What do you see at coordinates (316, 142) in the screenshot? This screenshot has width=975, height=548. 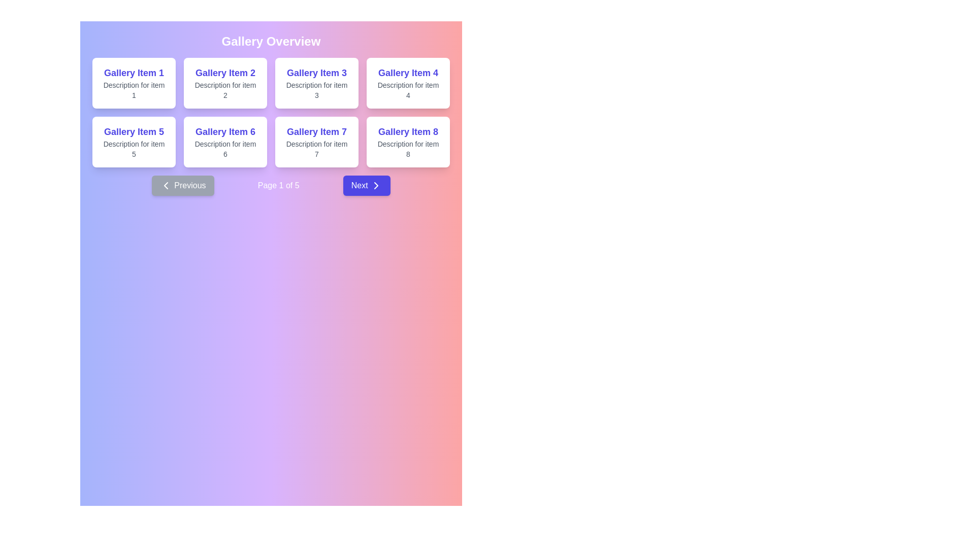 I see `the gallery item card located in the second row, third column of the grid layout, providing information about the item` at bounding box center [316, 142].